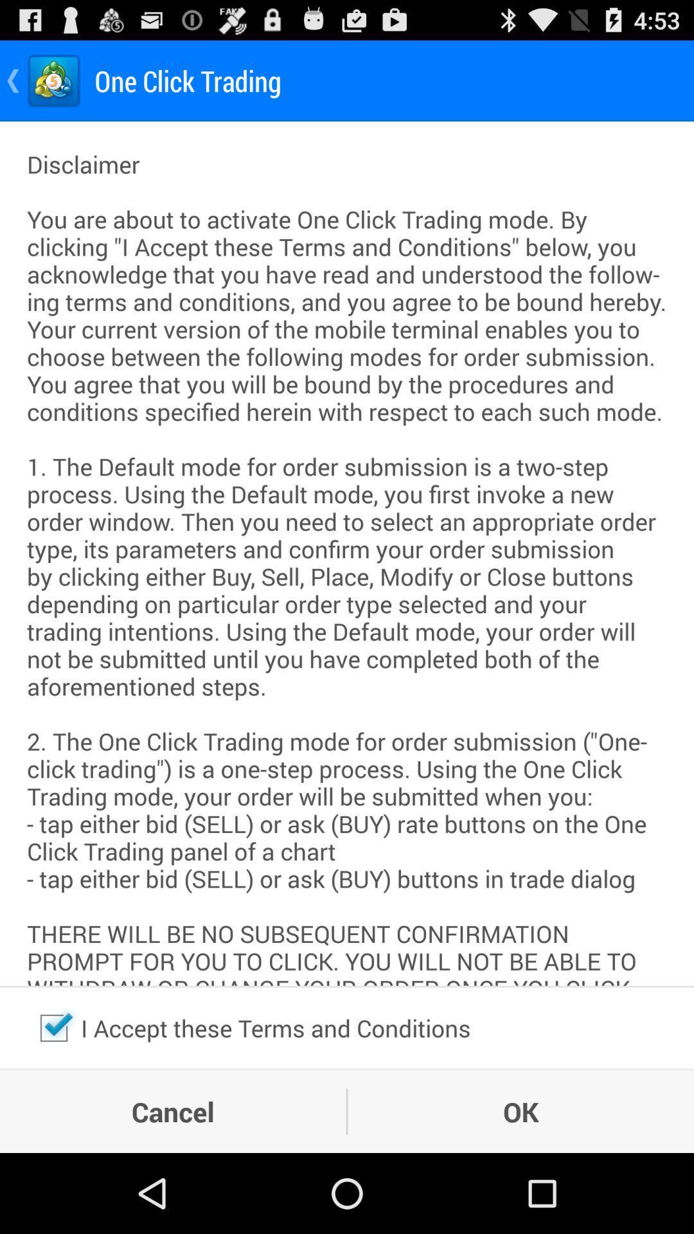 The width and height of the screenshot is (694, 1234). Describe the element at coordinates (53, 1027) in the screenshot. I see `unchecks the terms and conditions box` at that location.